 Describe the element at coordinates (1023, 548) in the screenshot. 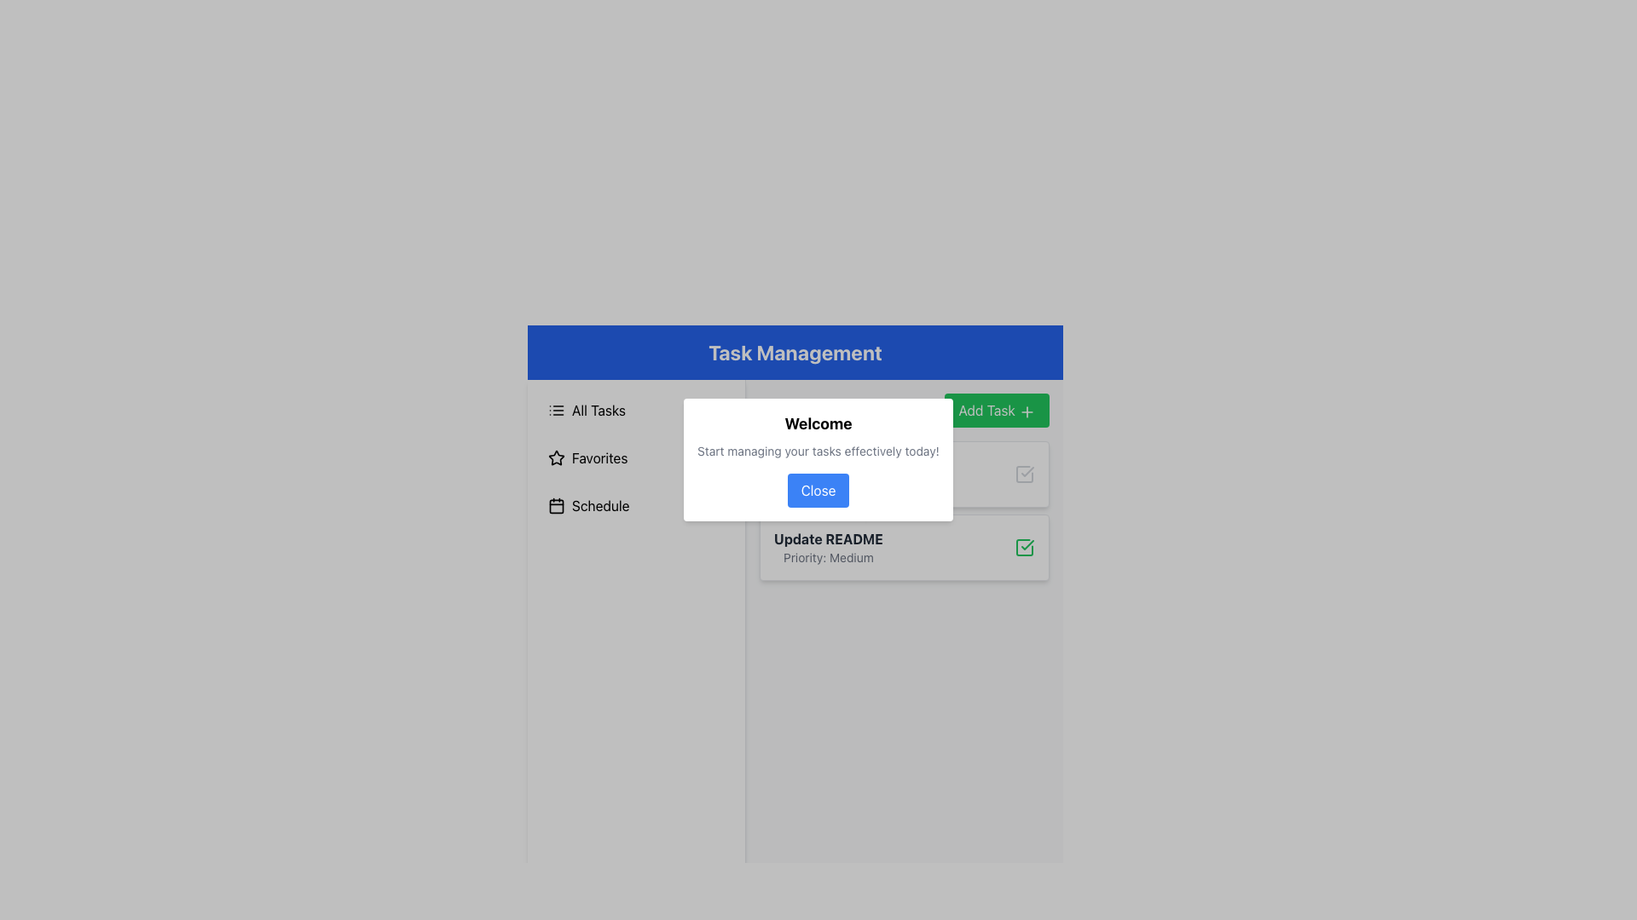

I see `the completion icon located at the right end of the task card titled 'Update README' to check or uncheck the task` at that location.